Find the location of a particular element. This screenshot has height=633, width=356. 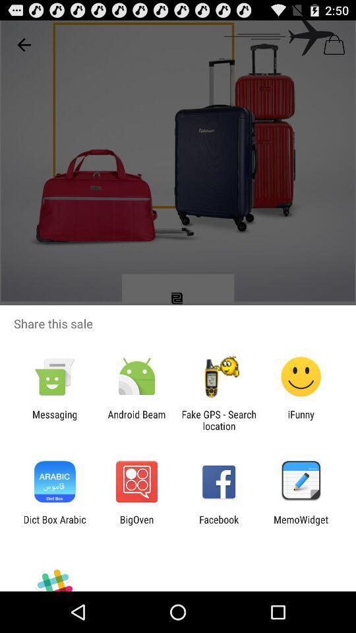

the app next to the facebook is located at coordinates (136, 525).